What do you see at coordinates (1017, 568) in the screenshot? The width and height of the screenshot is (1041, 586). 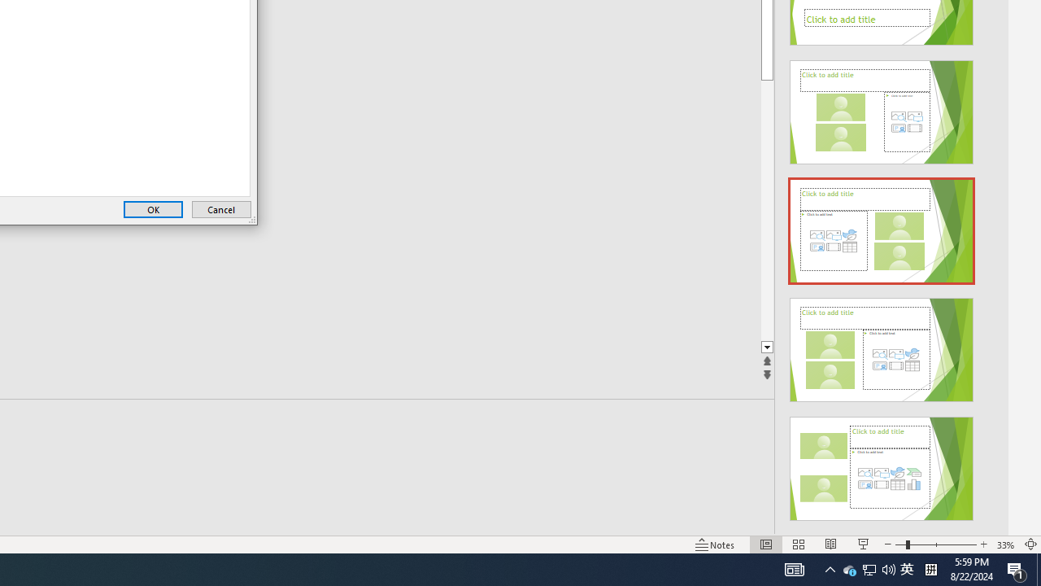 I see `'Action Center, 1 new notification'` at bounding box center [1017, 568].